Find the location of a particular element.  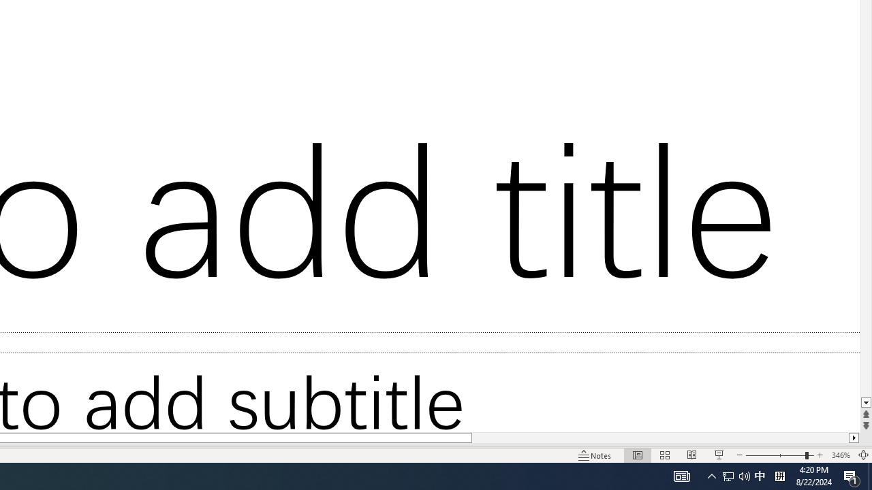

'Slide Show' is located at coordinates (719, 455).